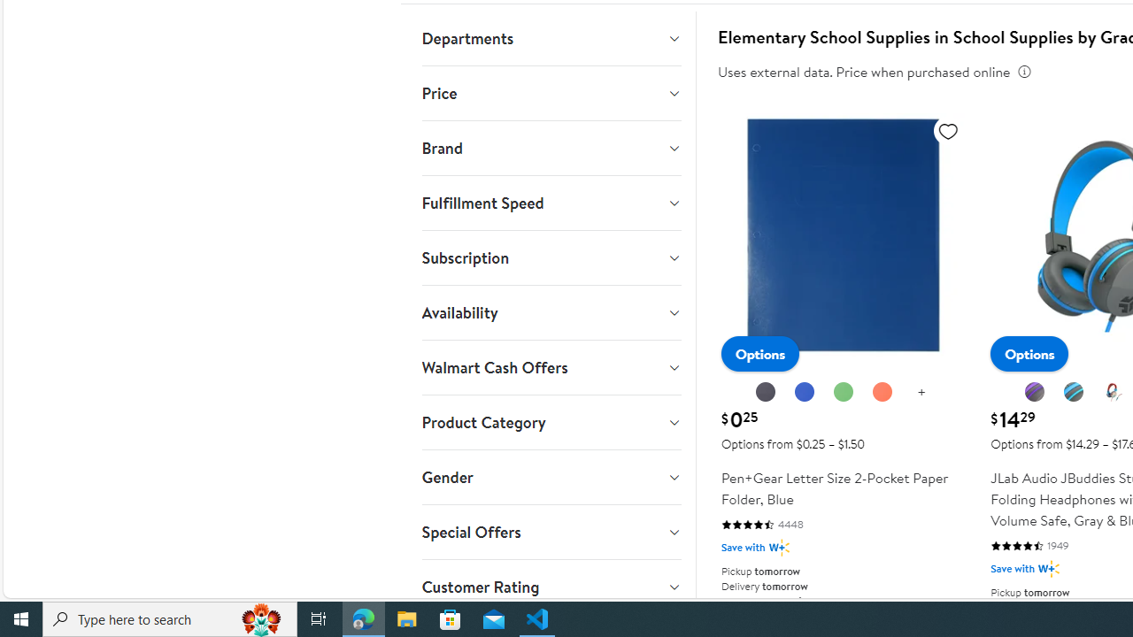  What do you see at coordinates (1024, 71) in the screenshot?
I see `'legal information'` at bounding box center [1024, 71].